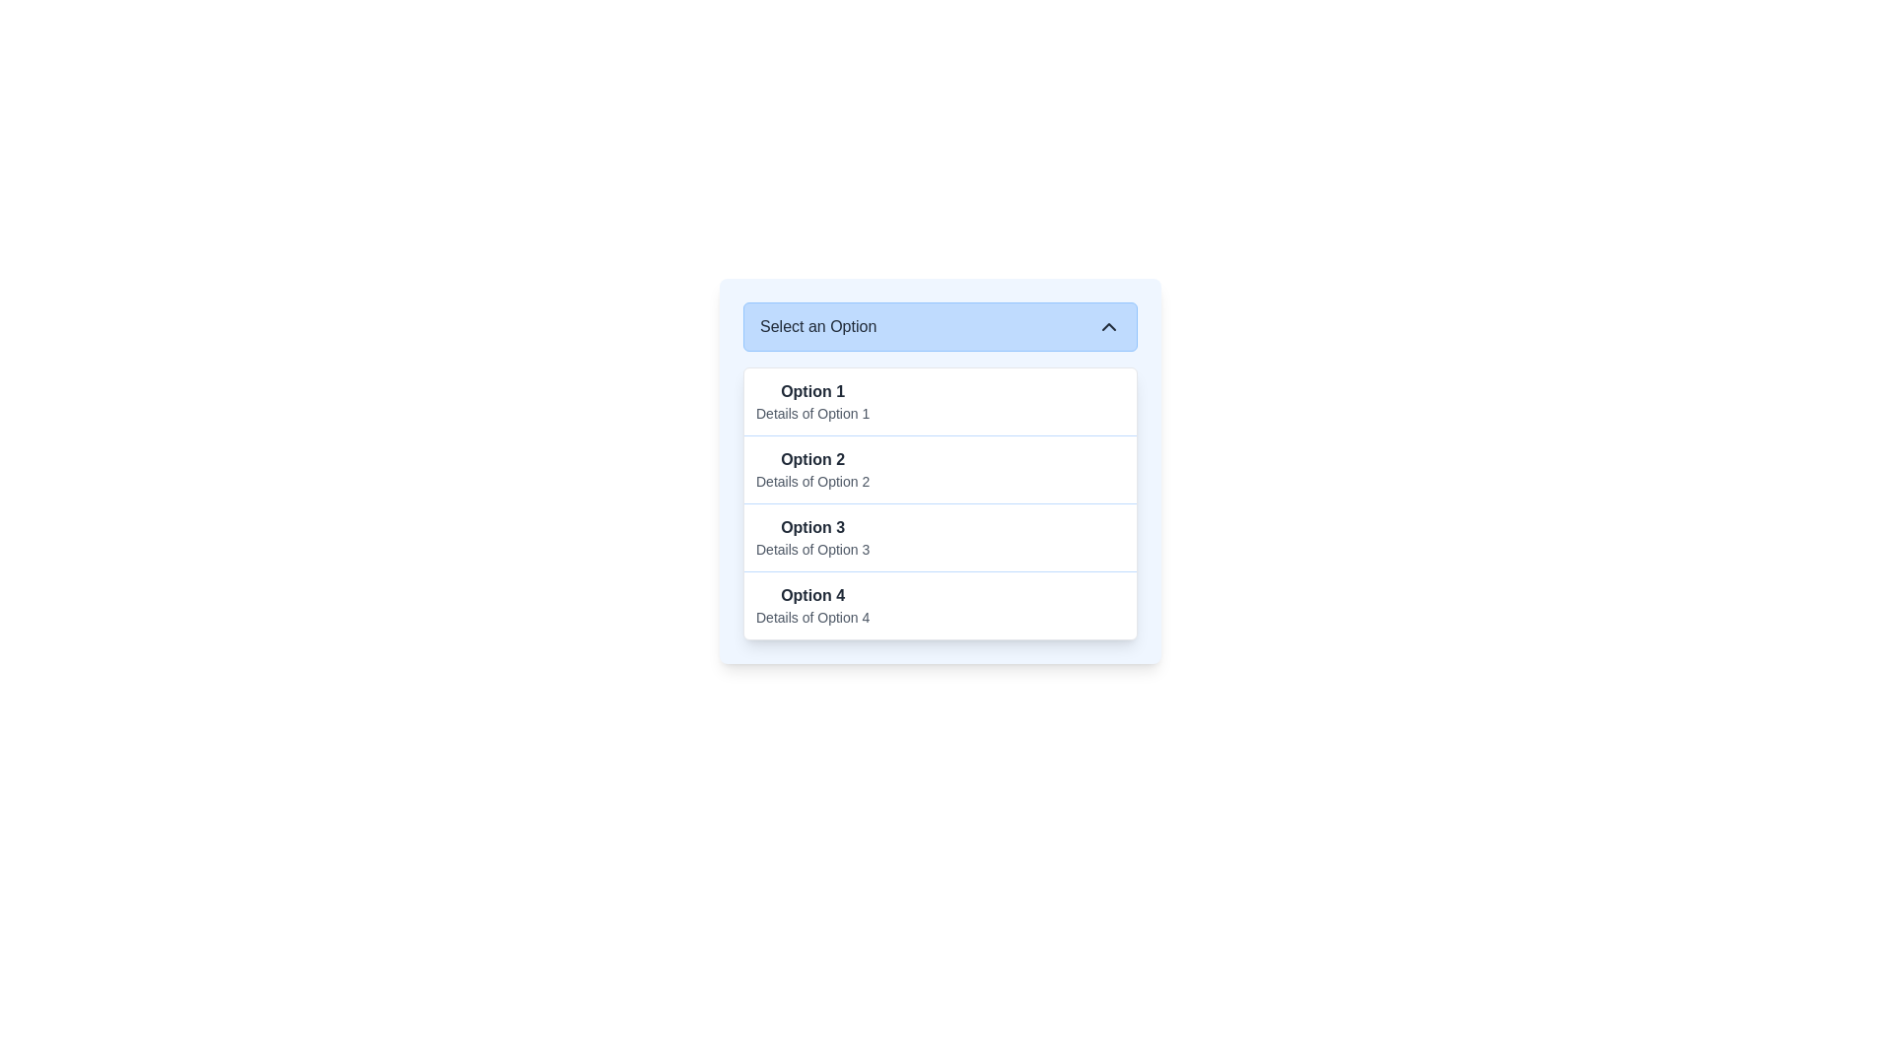 This screenshot has width=1893, height=1064. I want to click on the Text label that indicates the current selection in the dropdown menu, located at the top of the dropdown header, so click(818, 325).